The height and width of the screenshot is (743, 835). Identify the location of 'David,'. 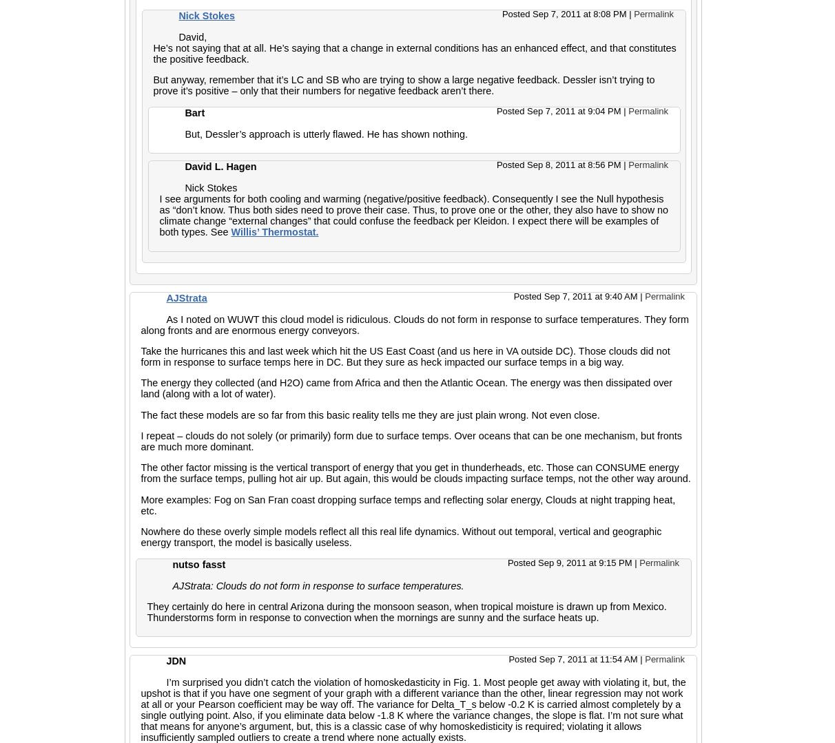
(192, 35).